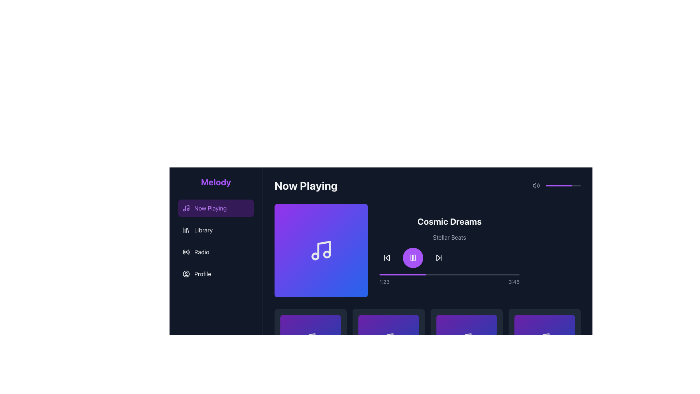  I want to click on the right vertical bar of the purple pause icon, so click(415, 257).